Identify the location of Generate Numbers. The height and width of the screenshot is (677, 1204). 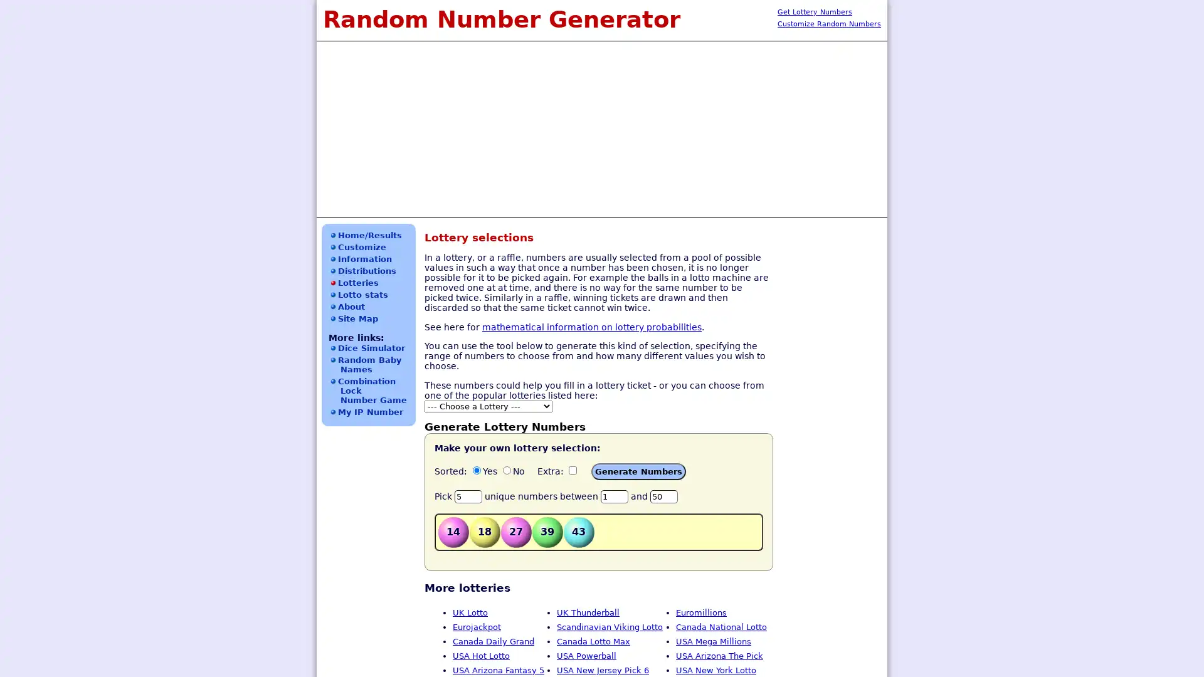
(638, 471).